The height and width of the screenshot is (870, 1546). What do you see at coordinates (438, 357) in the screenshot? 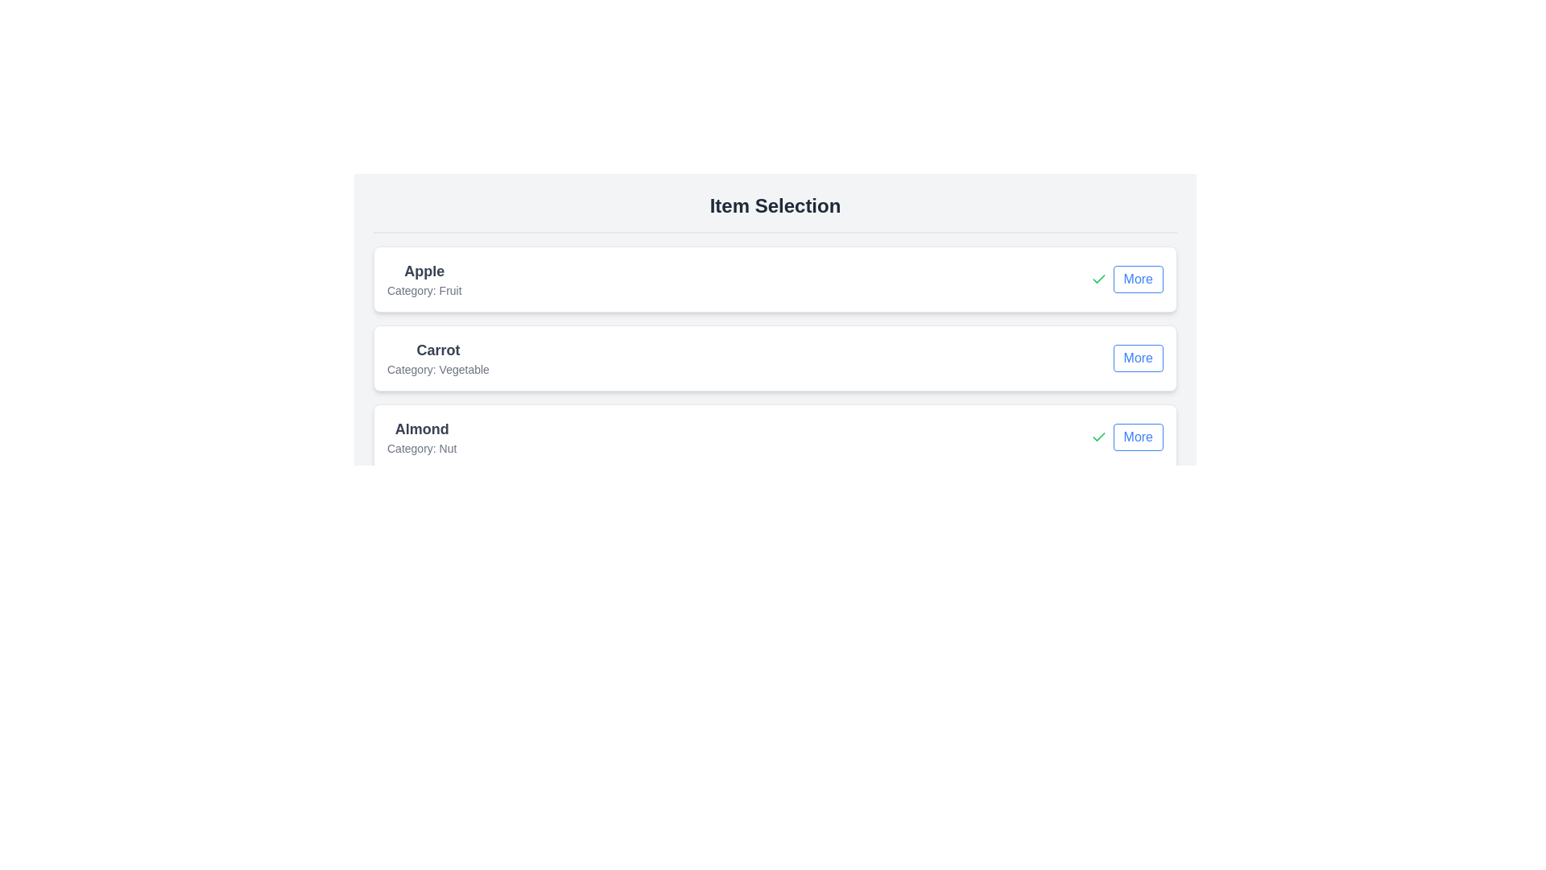
I see `the label displaying 'Carrot' above 'Category: Vegetable' within the second list item of a bordered, shadowed card` at bounding box center [438, 357].